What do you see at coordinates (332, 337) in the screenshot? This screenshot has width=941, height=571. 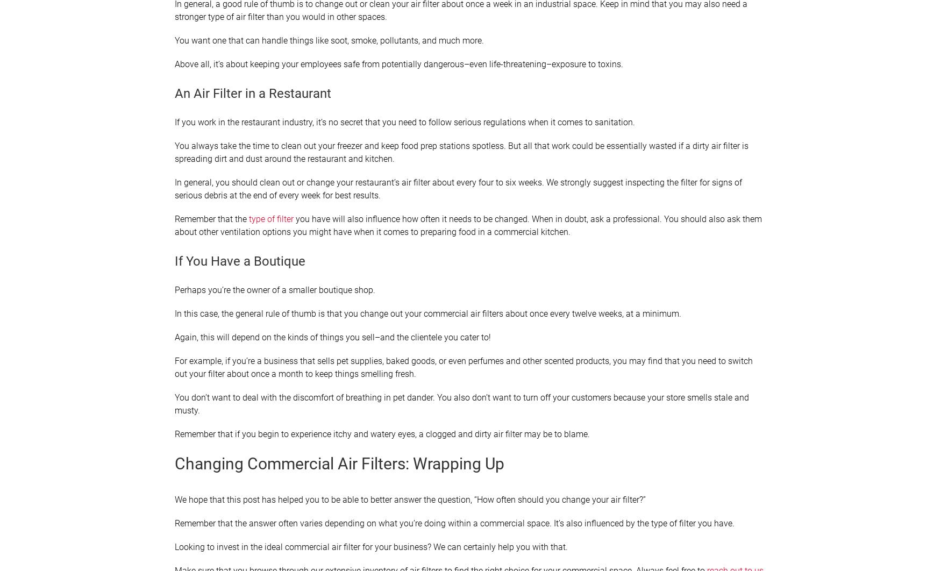 I see `'Again, this will depend on the kinds of things you sell–and the clientele you cater to!'` at bounding box center [332, 337].